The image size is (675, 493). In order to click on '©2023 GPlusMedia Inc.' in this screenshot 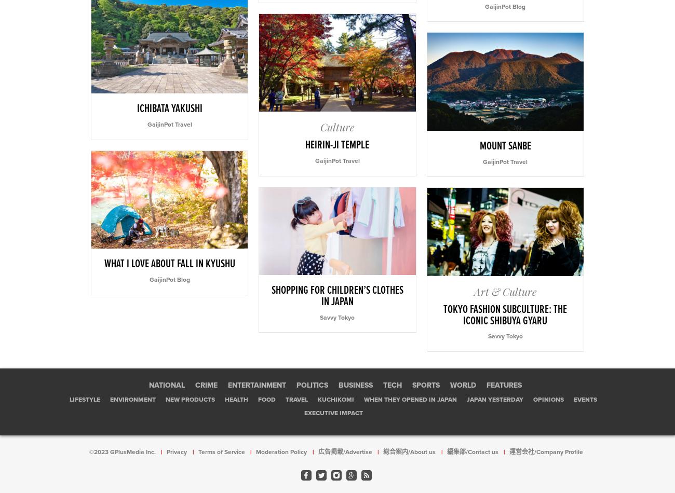, I will do `click(122, 451)`.